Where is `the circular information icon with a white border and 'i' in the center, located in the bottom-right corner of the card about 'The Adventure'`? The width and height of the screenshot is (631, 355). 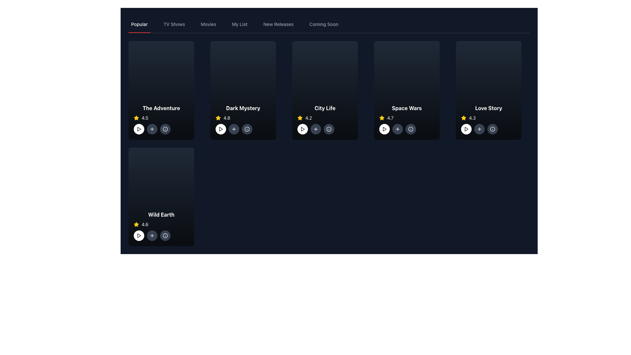
the circular information icon with a white border and 'i' in the center, located in the bottom-right corner of the card about 'The Adventure' is located at coordinates (165, 129).